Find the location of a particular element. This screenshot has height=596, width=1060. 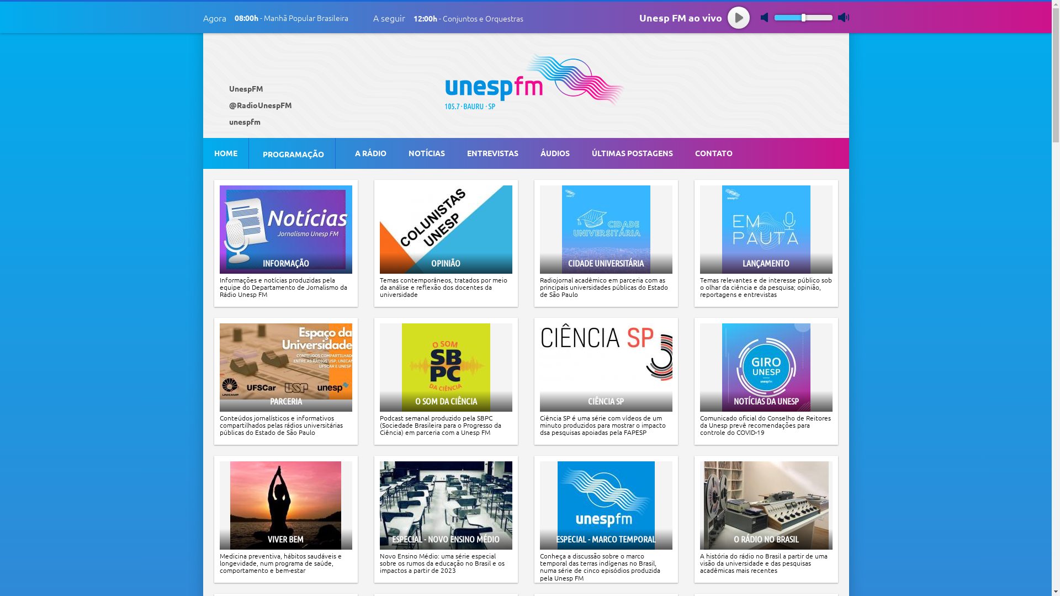

' UnespFM' is located at coordinates (243, 87).